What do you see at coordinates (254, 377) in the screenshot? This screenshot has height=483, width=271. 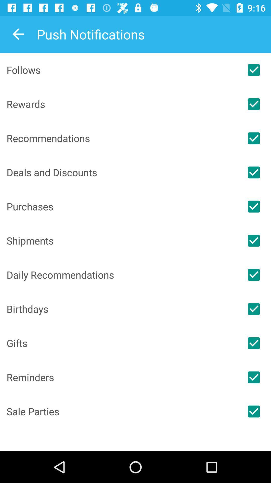 I see `make a selection for reminders` at bounding box center [254, 377].